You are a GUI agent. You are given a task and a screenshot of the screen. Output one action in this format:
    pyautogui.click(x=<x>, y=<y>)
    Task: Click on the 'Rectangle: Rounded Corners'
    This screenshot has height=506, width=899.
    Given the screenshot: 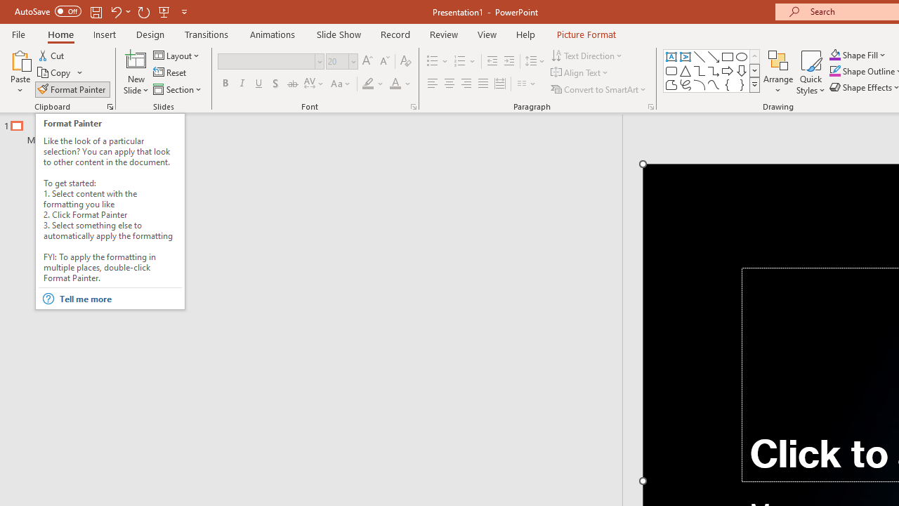 What is the action you would take?
    pyautogui.click(x=671, y=70)
    